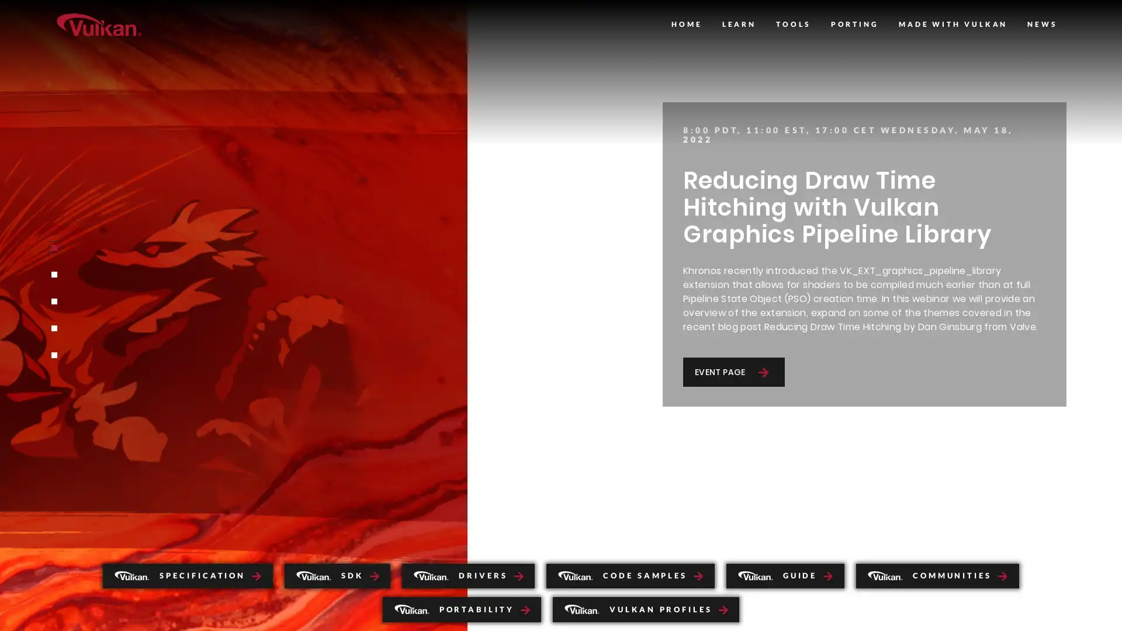 The image size is (1122, 631). I want to click on 2, so click(53, 275).